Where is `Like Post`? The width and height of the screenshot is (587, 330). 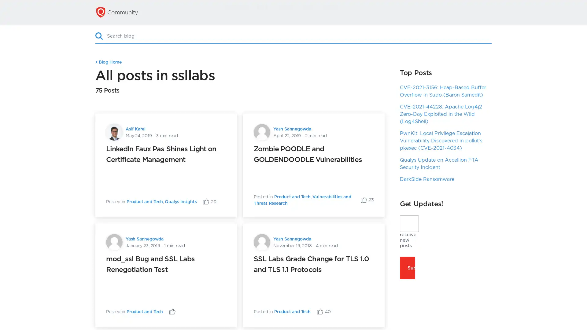 Like Post is located at coordinates (364, 200).